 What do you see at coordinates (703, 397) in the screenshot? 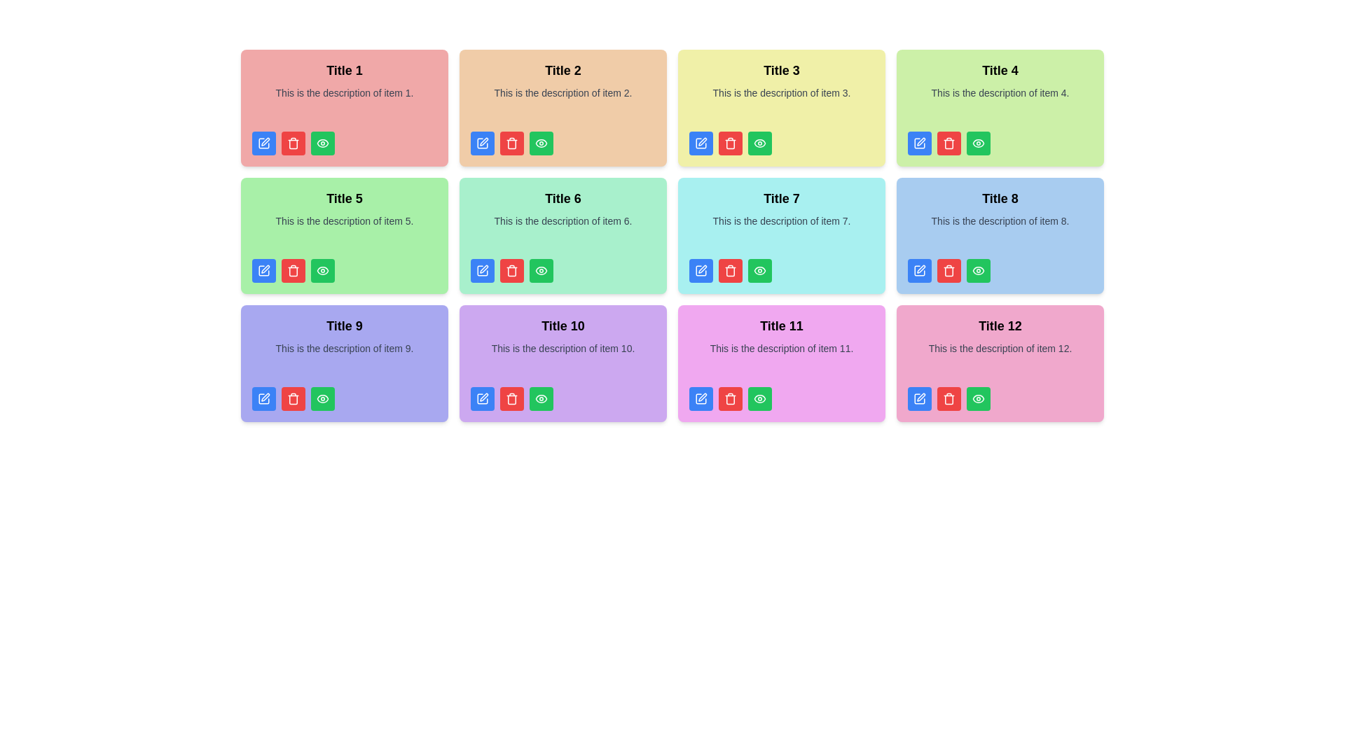
I see `the Pen Graphic icon located in the bottom-right corner of the 'Title 11' card` at bounding box center [703, 397].